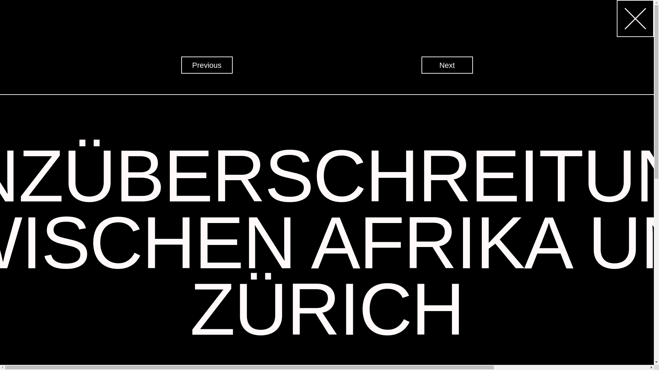 This screenshot has width=659, height=370. What do you see at coordinates (207, 65) in the screenshot?
I see `'Previous'` at bounding box center [207, 65].